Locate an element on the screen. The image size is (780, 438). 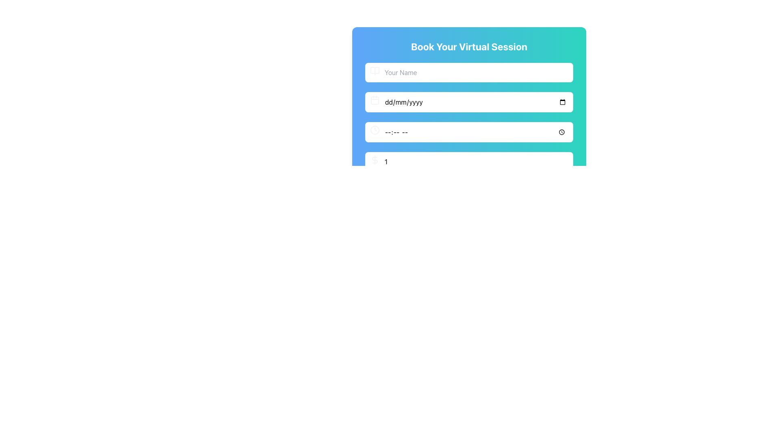
the date icon located to the left of the date input box is located at coordinates (374, 99).